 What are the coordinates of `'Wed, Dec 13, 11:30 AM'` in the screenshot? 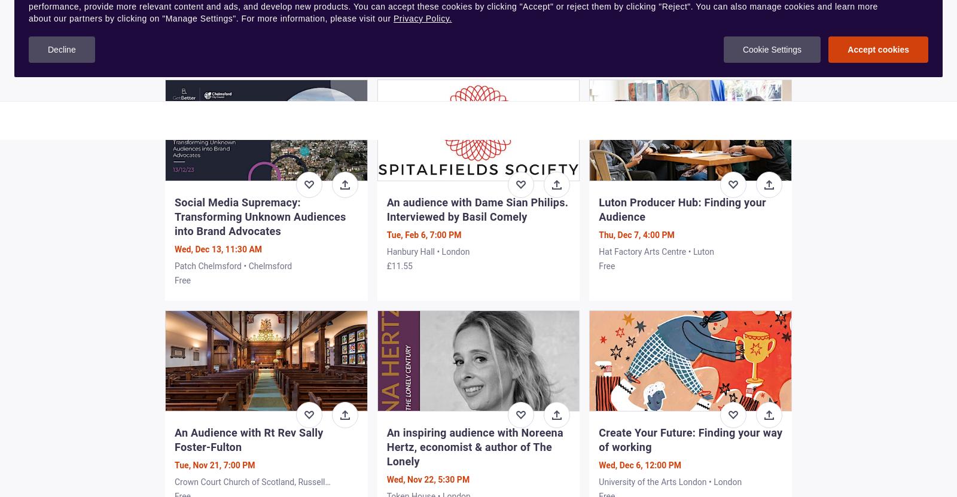 It's located at (218, 248).